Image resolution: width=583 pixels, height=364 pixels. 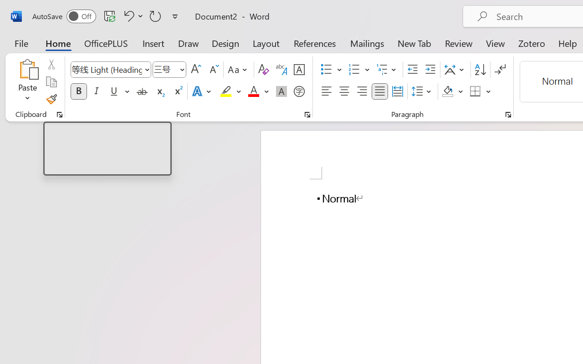 What do you see at coordinates (188, 43) in the screenshot?
I see `'Draw'` at bounding box center [188, 43].